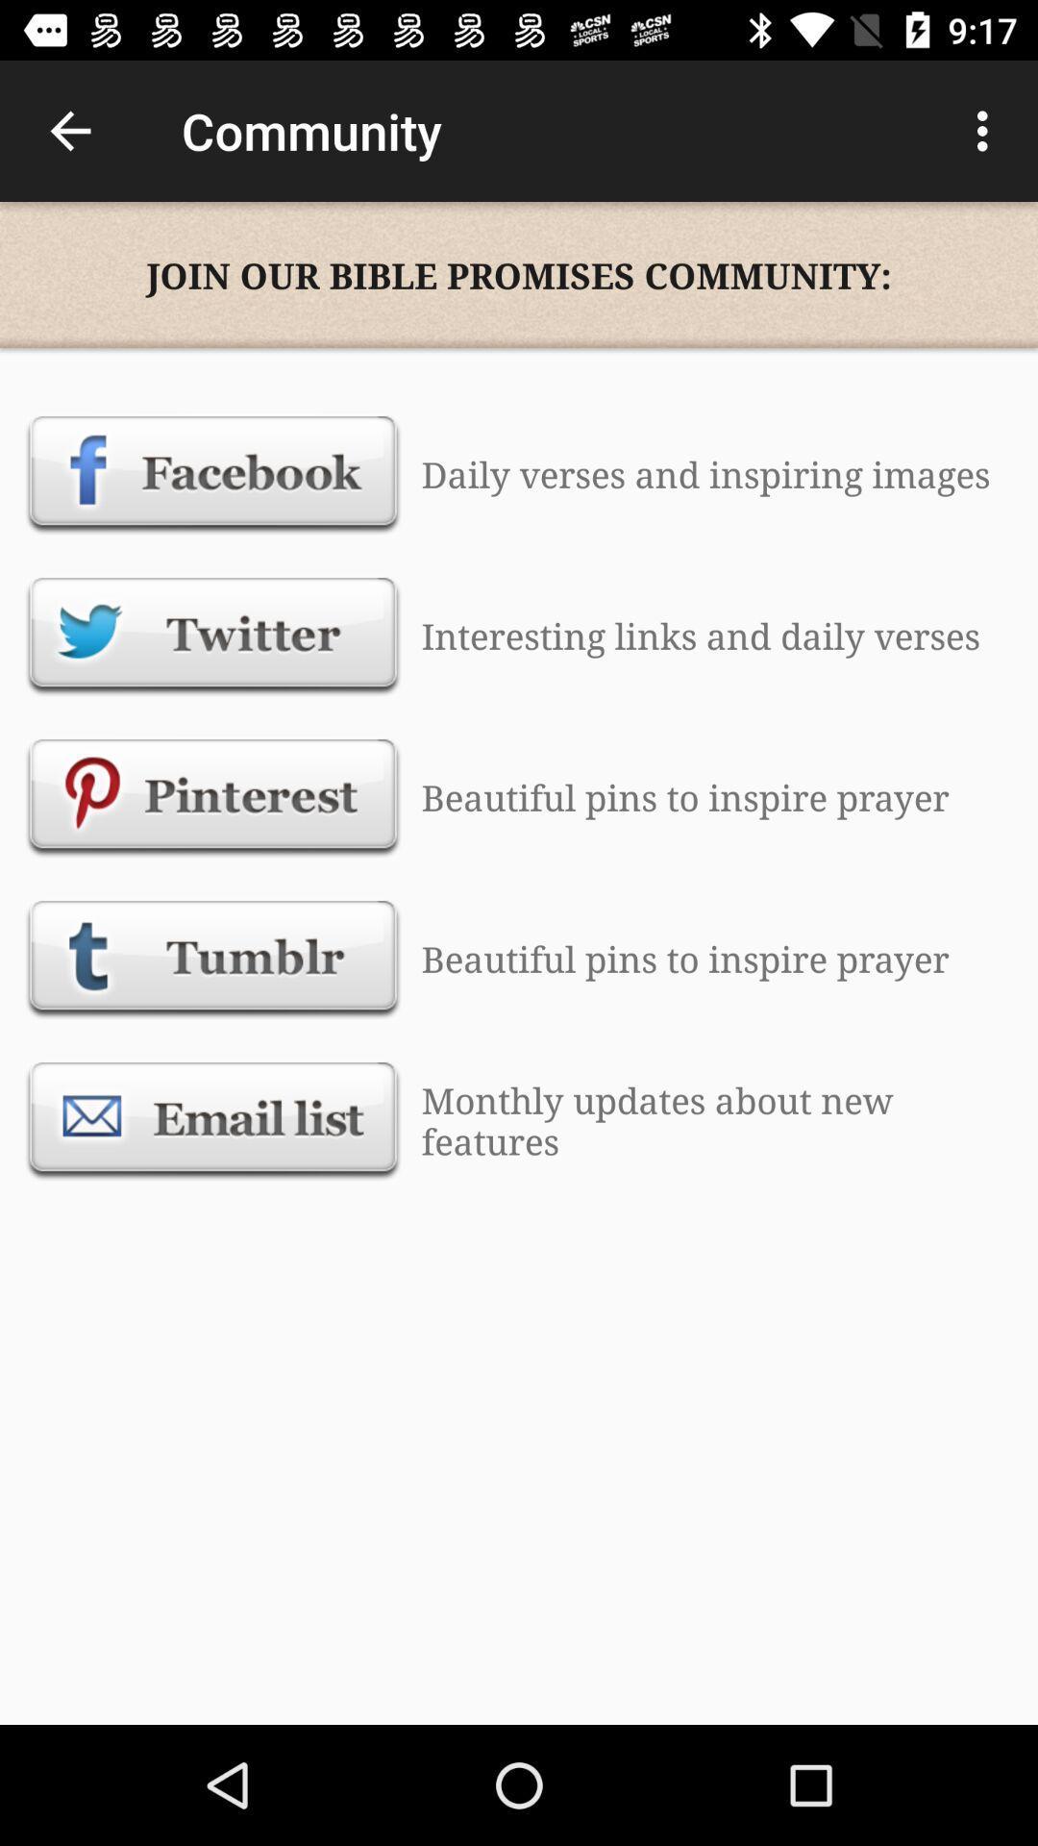 The height and width of the screenshot is (1846, 1038). Describe the element at coordinates (213, 474) in the screenshot. I see `facebook` at that location.